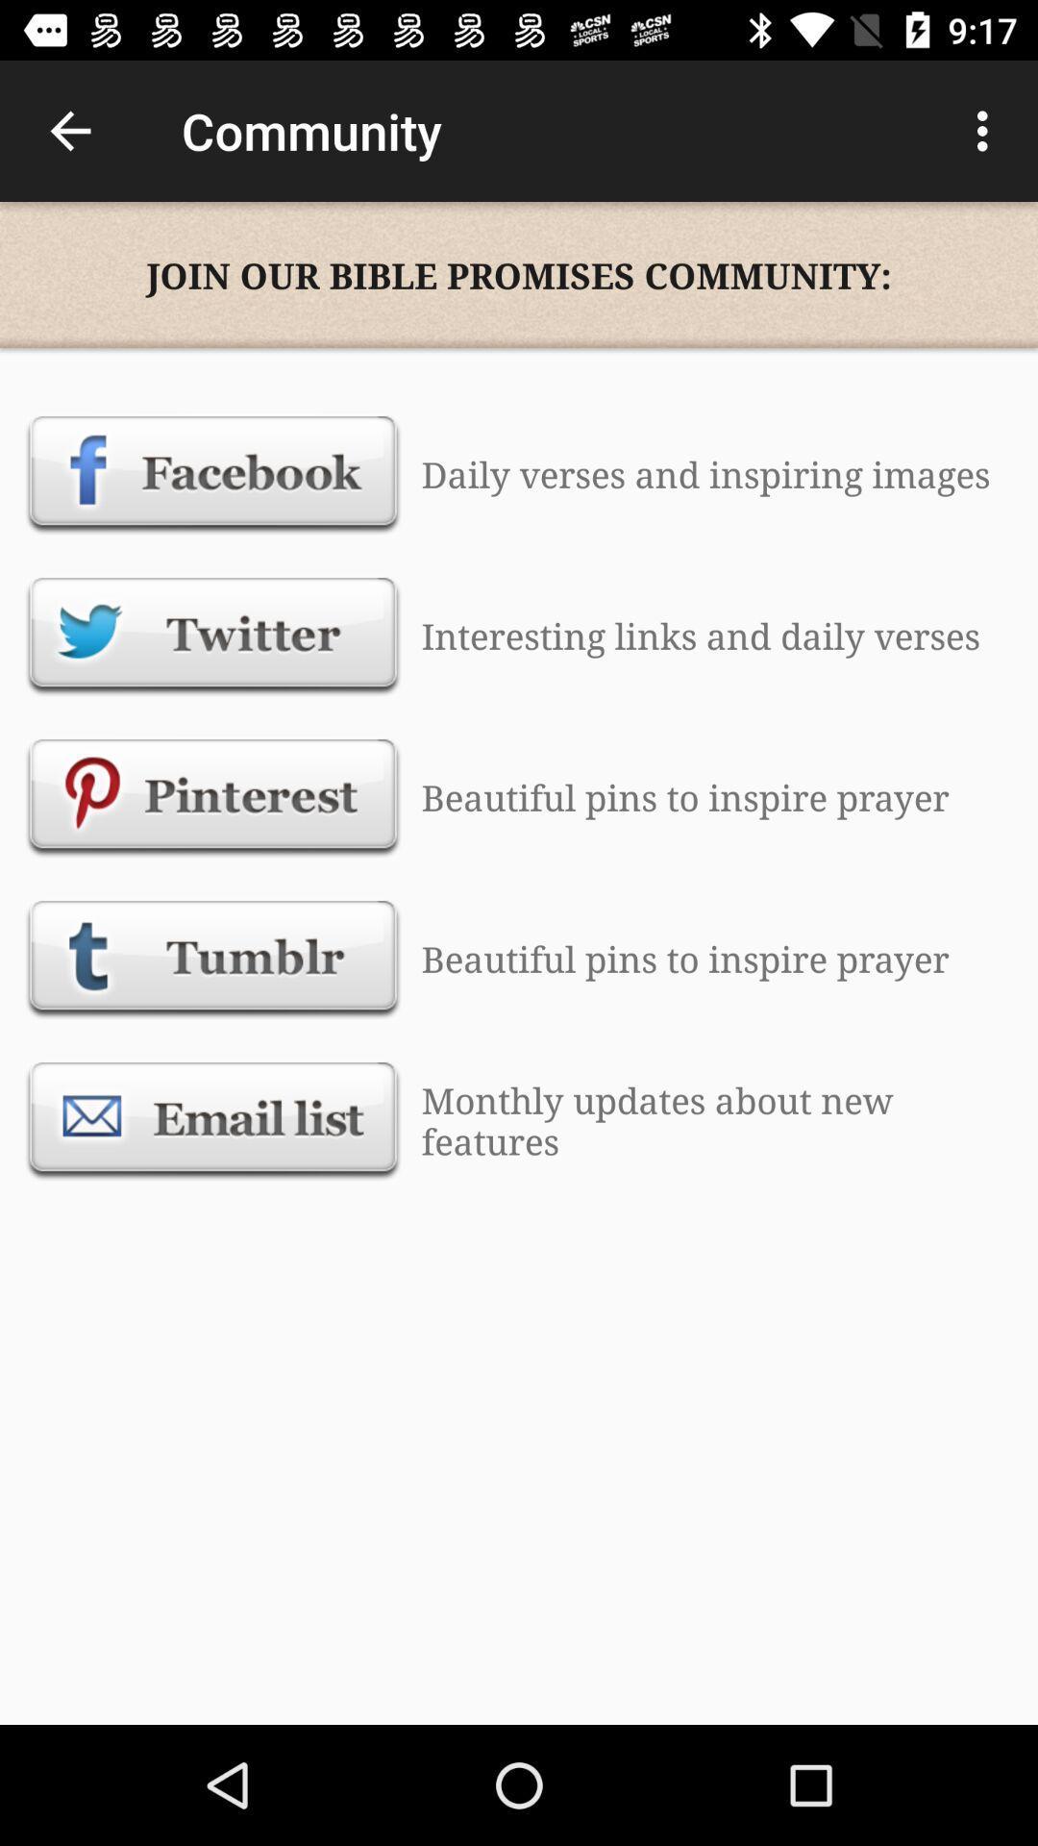 The height and width of the screenshot is (1846, 1038). Describe the element at coordinates (213, 474) in the screenshot. I see `facebook` at that location.